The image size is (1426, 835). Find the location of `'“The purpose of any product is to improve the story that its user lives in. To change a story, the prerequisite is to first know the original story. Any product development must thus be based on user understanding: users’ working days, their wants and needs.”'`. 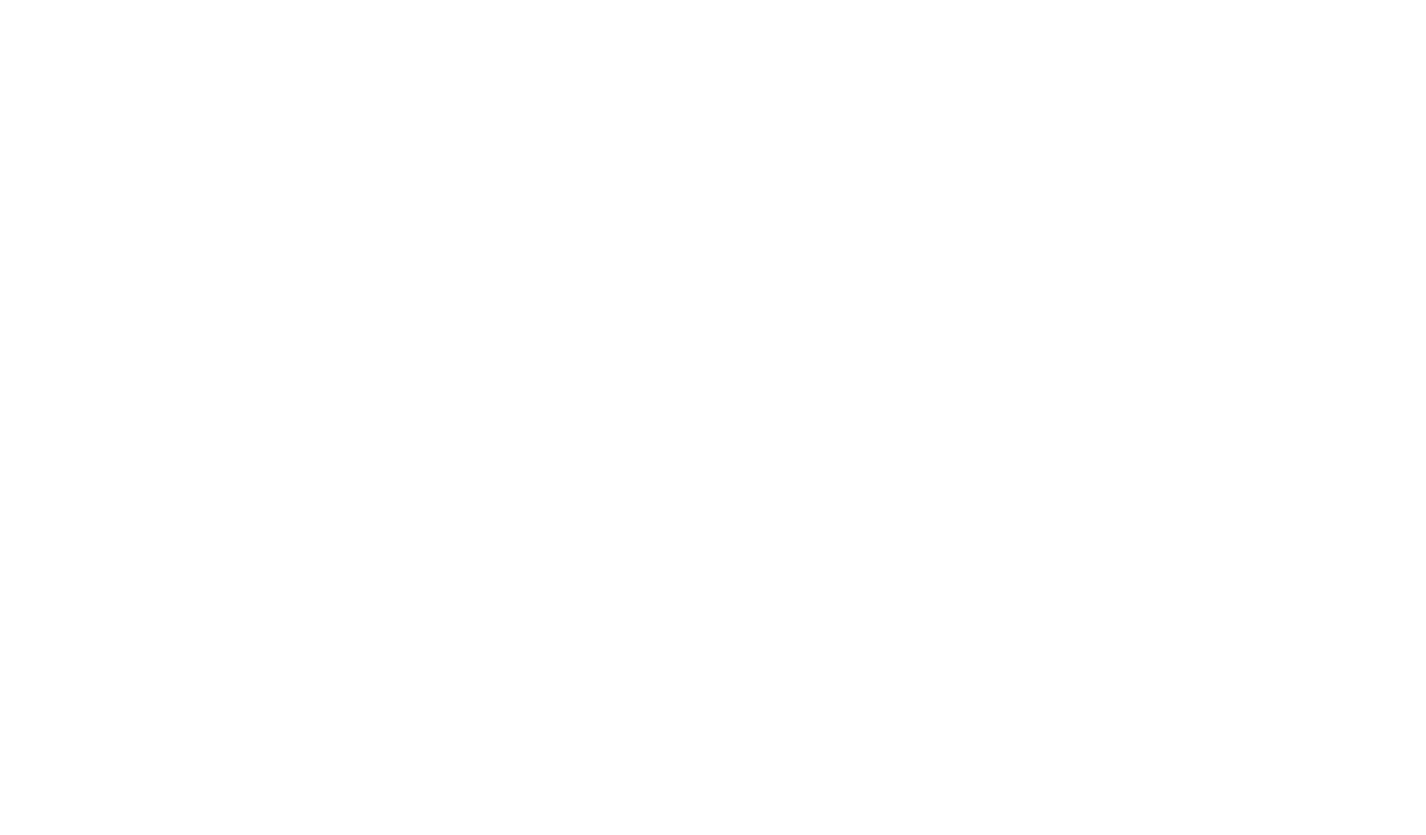

'“The purpose of any product is to improve the story that its user lives in. To change a story, the prerequisite is to first know the original story. Any product development must thus be based on user understanding: users’ working days, their wants and needs.”' is located at coordinates (233, 128).